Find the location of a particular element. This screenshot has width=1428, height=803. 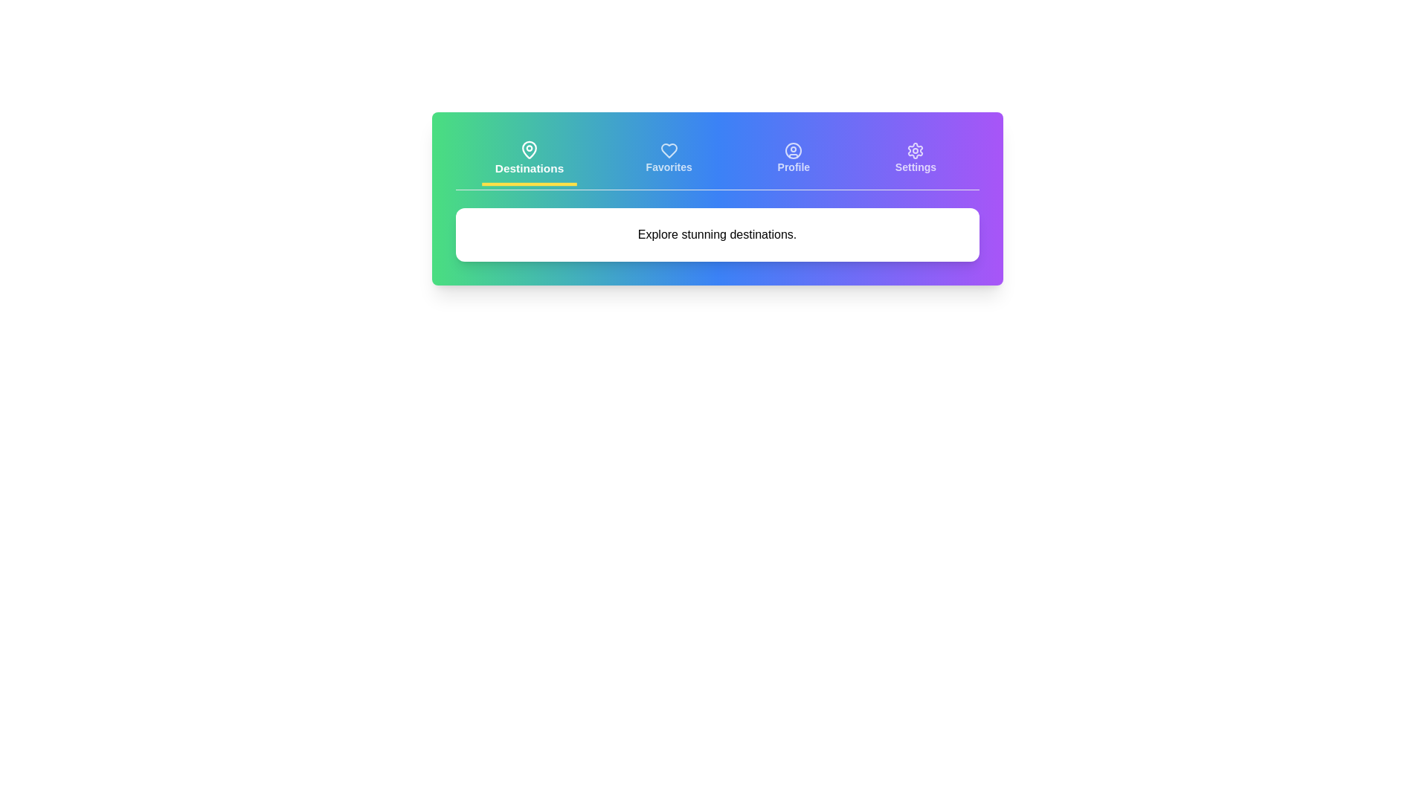

the text 'Explore stunning destinations.' in the content pane is located at coordinates (717, 234).